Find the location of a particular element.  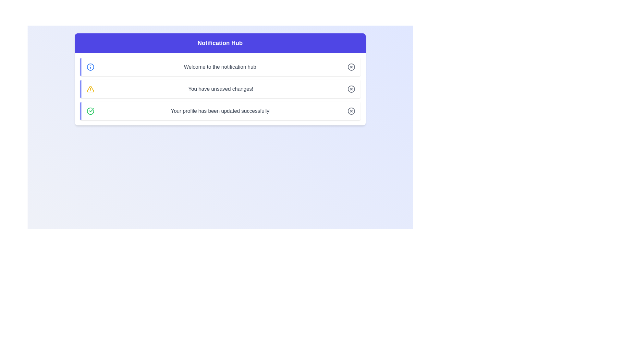

message from the Notification box that informs the user about unsaved changes, positioned centrally in the stack of notifications is located at coordinates (220, 89).